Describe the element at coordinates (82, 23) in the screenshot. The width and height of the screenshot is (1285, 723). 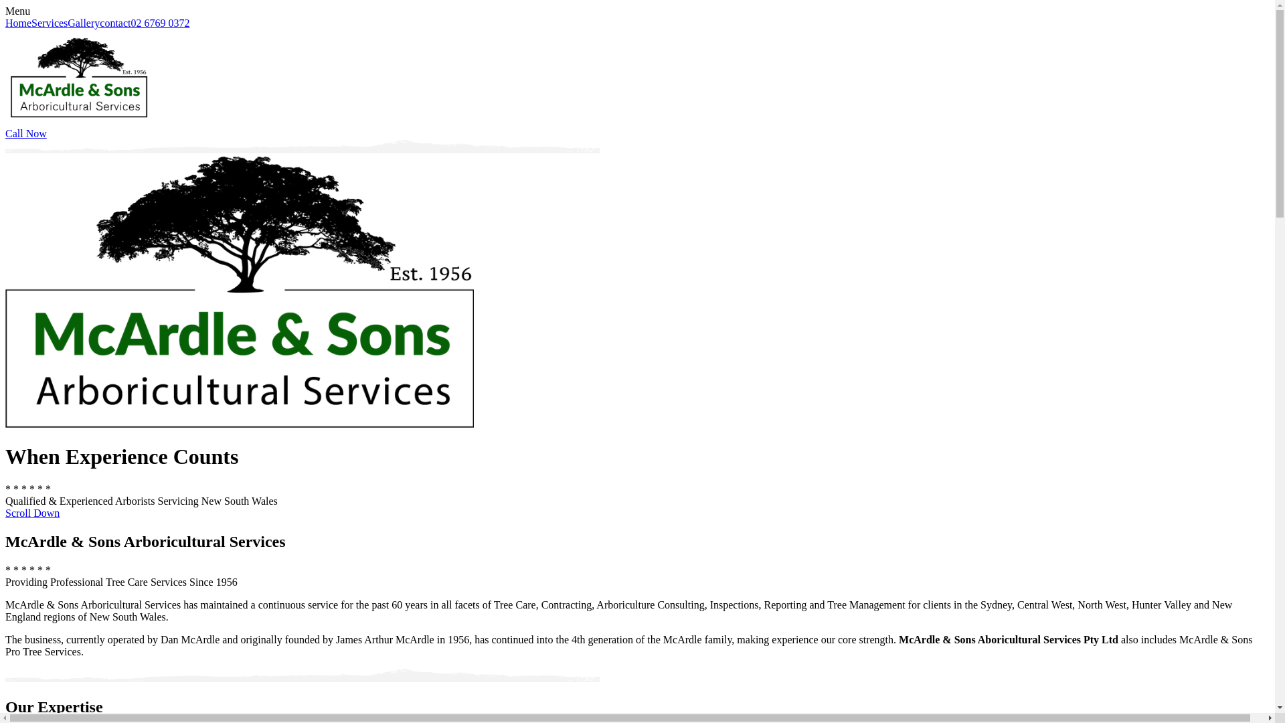
I see `'Gallery'` at that location.